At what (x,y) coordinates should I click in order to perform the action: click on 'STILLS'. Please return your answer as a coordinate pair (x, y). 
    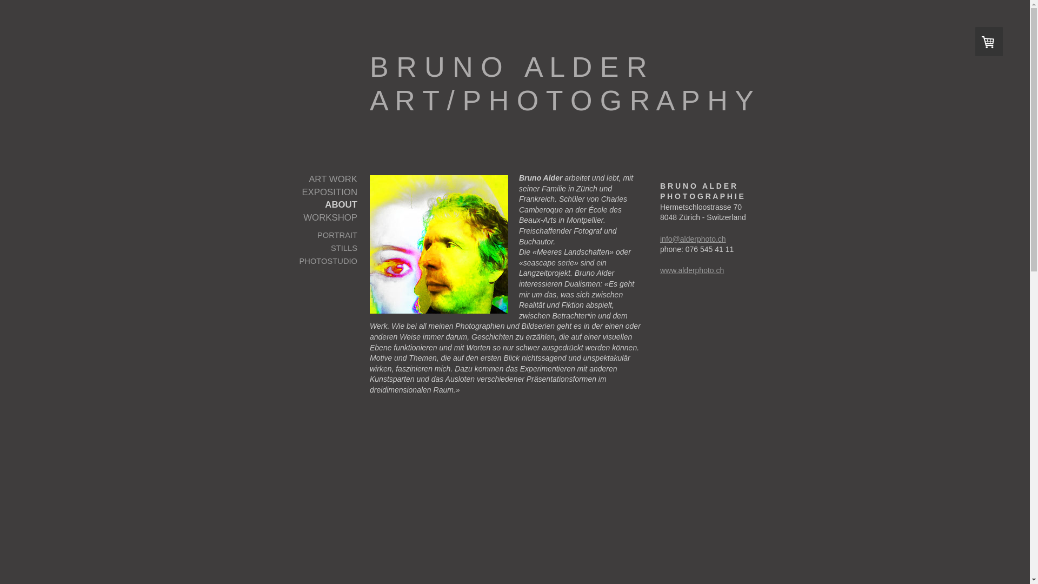
    Looking at the image, I should click on (310, 248).